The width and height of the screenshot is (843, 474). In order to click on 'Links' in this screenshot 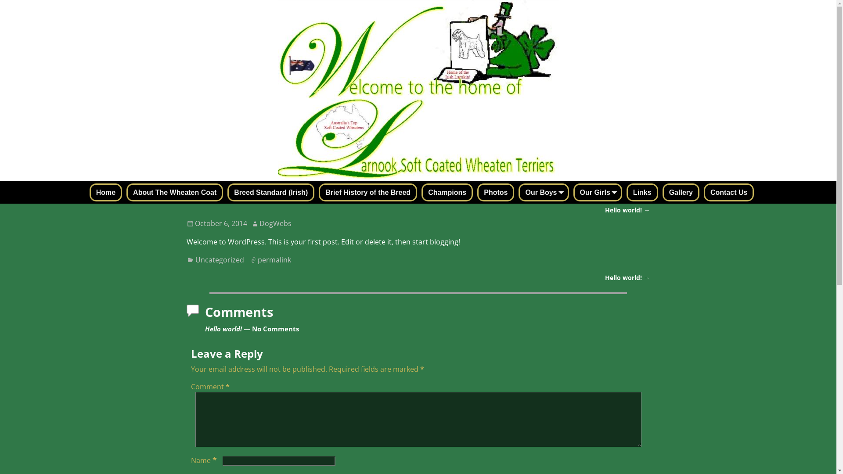, I will do `click(642, 192)`.